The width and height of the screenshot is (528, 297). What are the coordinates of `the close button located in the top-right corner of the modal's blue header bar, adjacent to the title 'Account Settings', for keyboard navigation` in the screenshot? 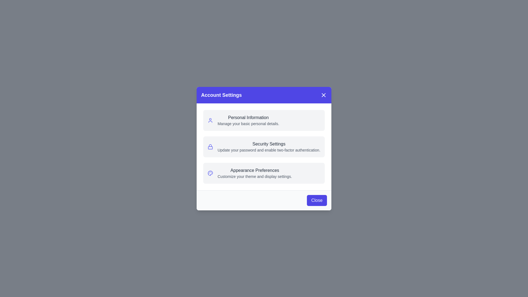 It's located at (323, 95).